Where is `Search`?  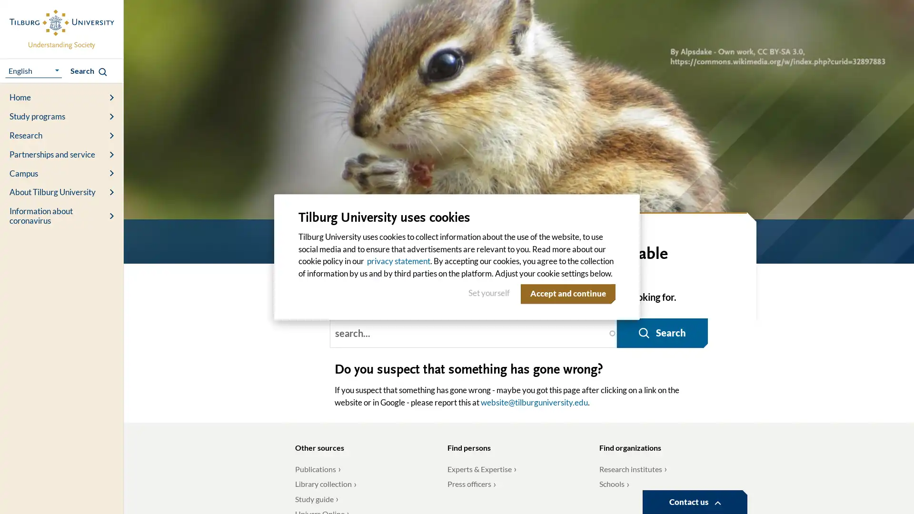 Search is located at coordinates (659, 328).